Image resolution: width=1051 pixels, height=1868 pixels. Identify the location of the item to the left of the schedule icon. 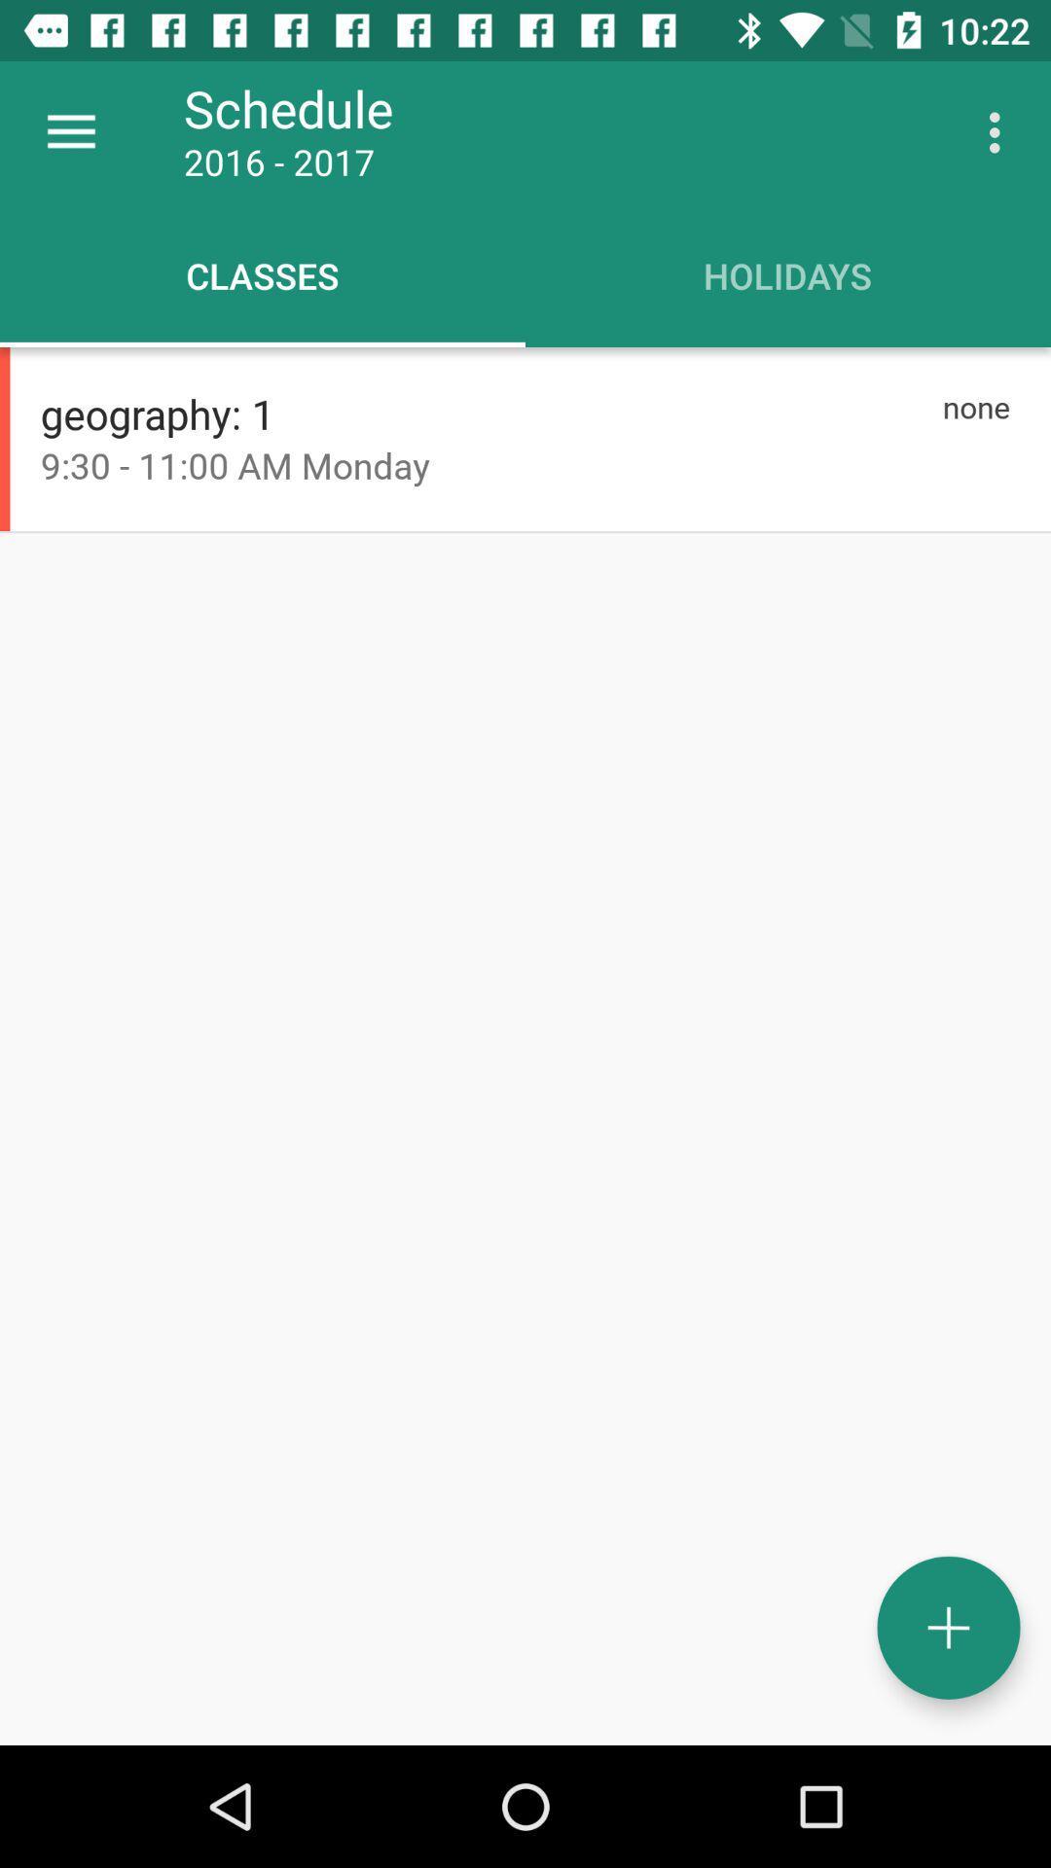
(70, 131).